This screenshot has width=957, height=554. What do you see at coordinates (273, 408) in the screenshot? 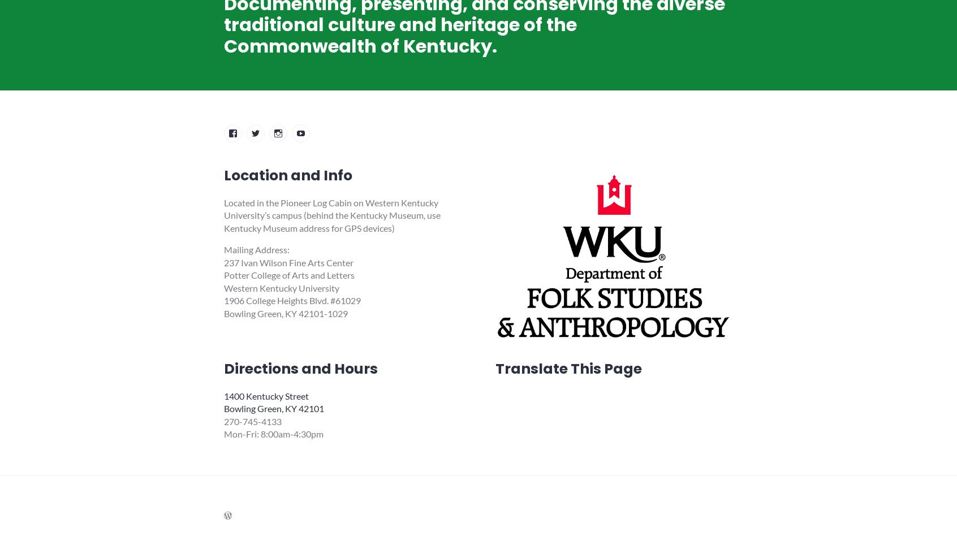
I see `'Bowling Green, KY 42101'` at bounding box center [273, 408].